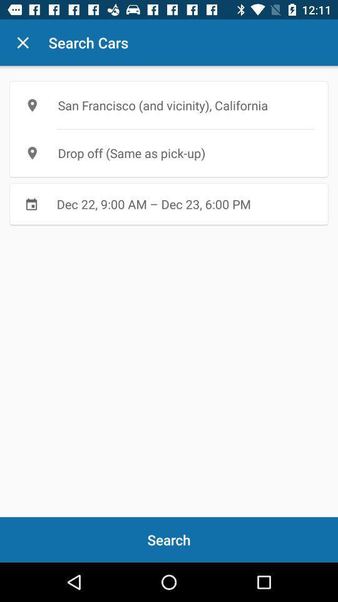 The image size is (338, 602). What do you see at coordinates (169, 105) in the screenshot?
I see `the san francisco and` at bounding box center [169, 105].